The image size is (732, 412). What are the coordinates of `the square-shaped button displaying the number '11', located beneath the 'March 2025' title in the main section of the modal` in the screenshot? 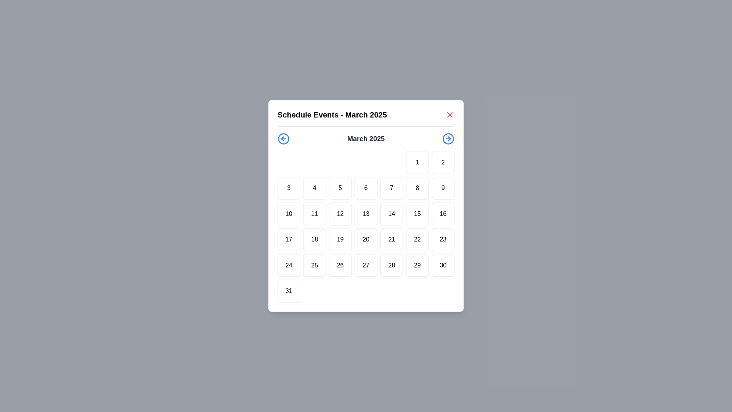 It's located at (315, 214).